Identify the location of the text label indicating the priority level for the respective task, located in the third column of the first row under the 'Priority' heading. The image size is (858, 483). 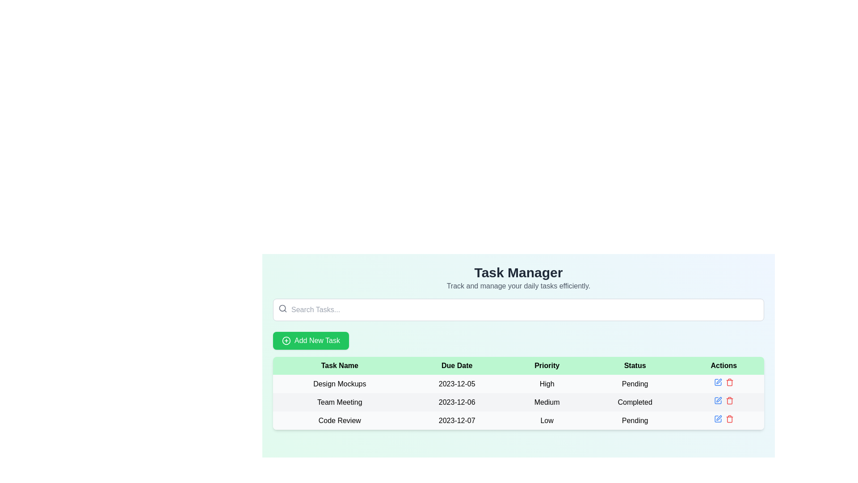
(547, 383).